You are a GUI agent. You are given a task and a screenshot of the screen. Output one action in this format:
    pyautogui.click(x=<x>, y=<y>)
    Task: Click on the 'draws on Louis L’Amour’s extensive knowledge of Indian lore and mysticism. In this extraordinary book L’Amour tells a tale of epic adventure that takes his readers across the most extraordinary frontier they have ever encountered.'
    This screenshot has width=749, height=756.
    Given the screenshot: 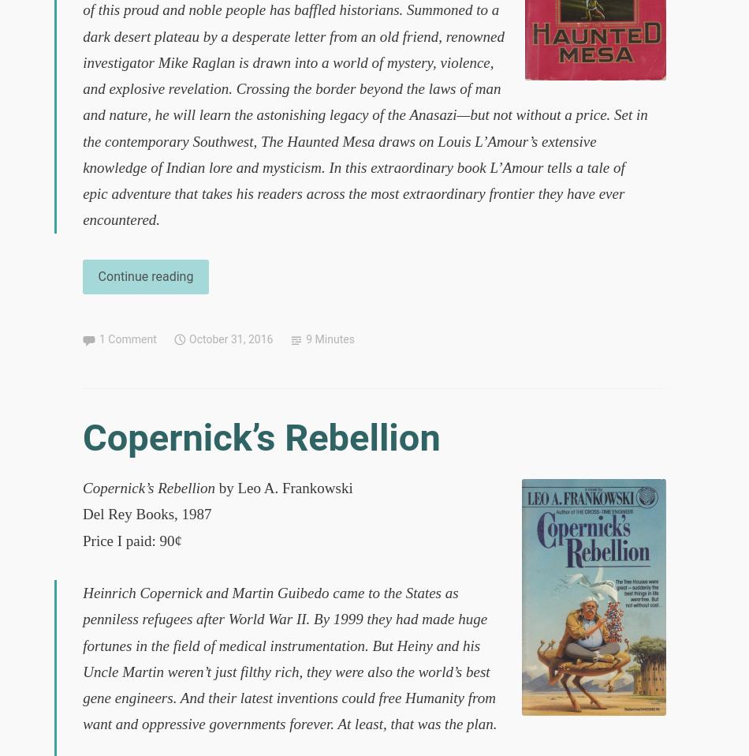 What is the action you would take?
    pyautogui.click(x=82, y=179)
    